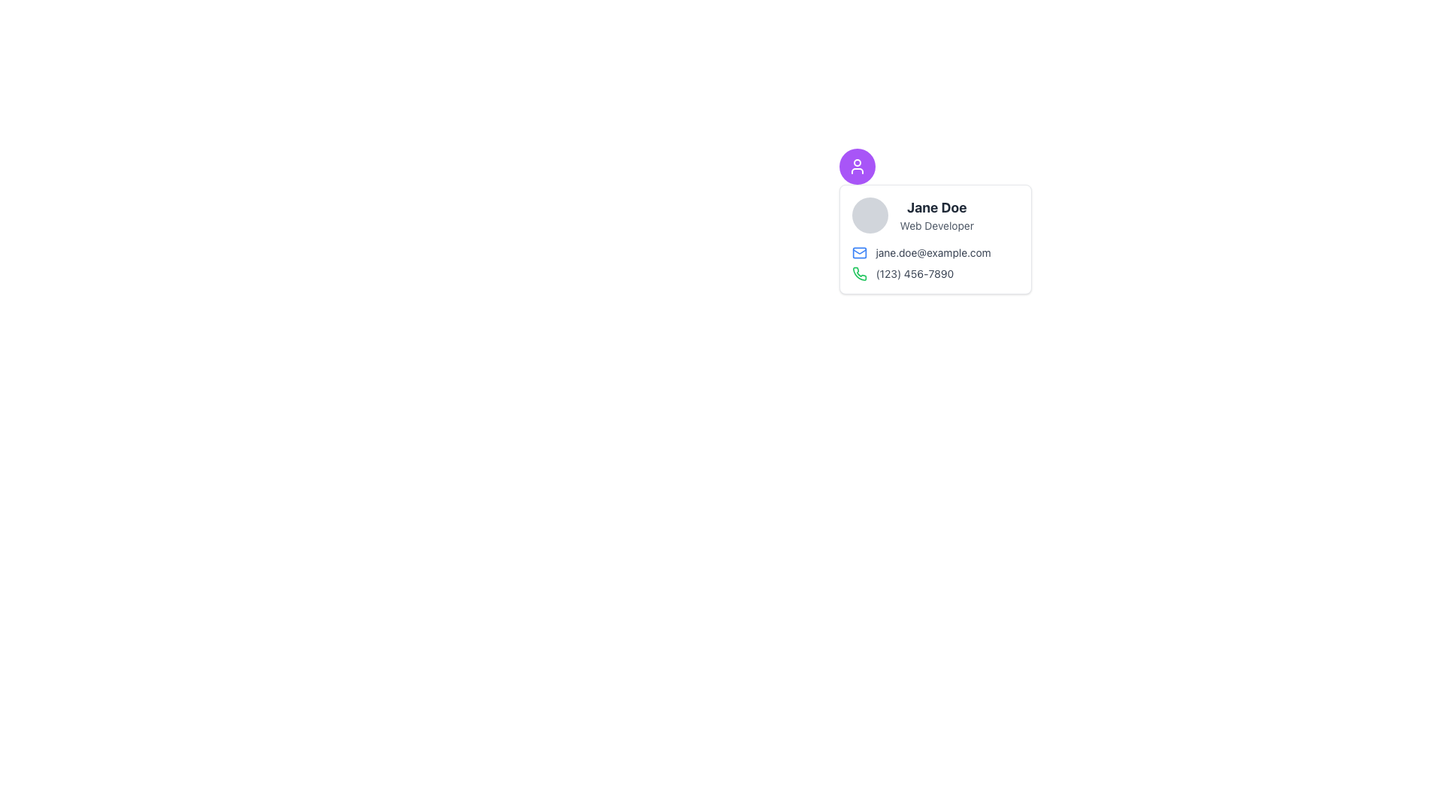  I want to click on the text segment displaying the phone number '(123) 456-7890' with a green phone icon, so click(934, 274).